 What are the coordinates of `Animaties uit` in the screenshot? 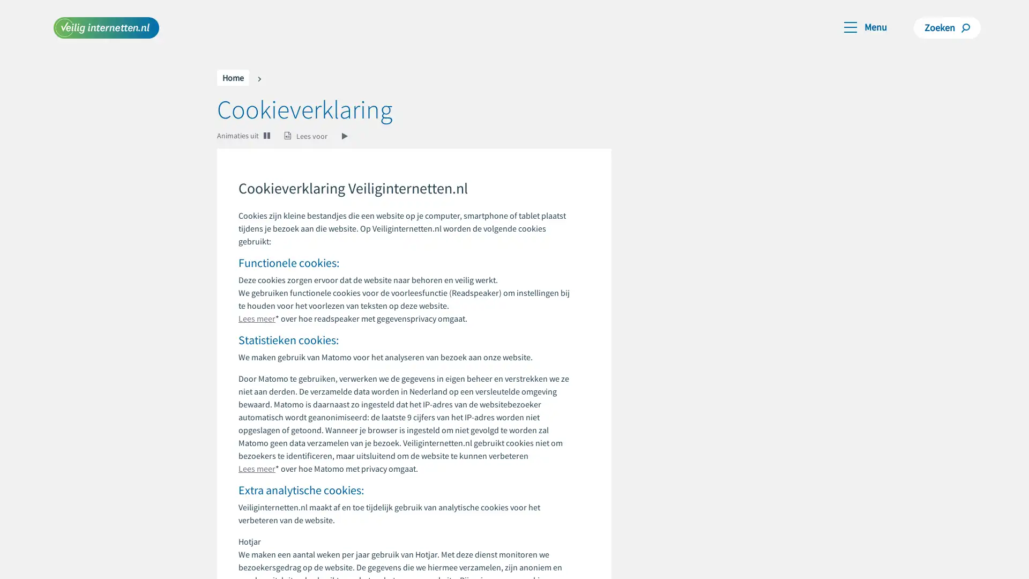 It's located at (237, 135).